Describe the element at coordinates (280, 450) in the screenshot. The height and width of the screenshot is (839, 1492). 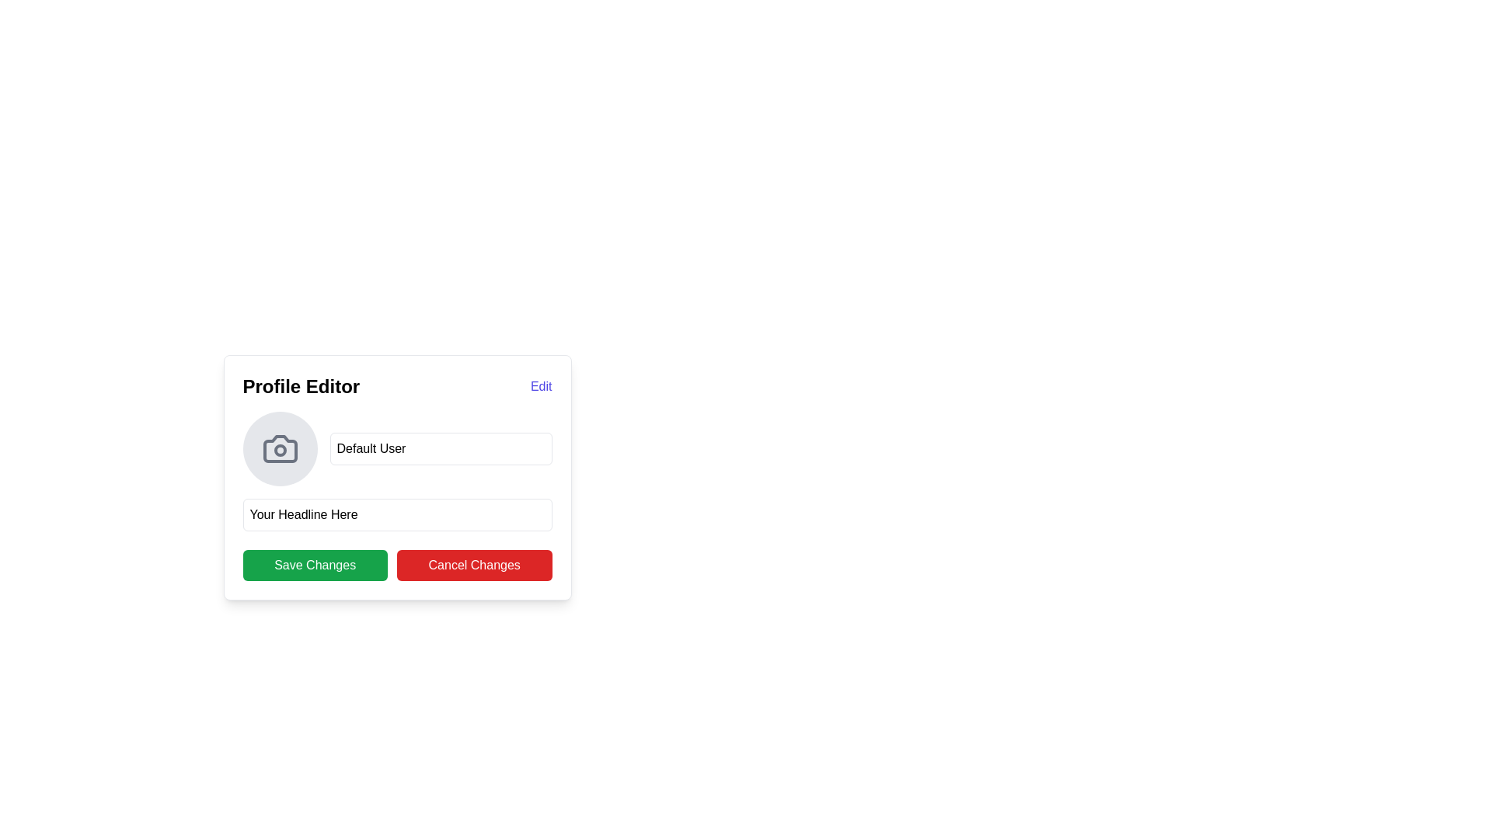
I see `the small circular Decorative SVG shape element that is located at the center of the camera icon in the Profile Editor UI section, which is to the left of the text 'Default User'` at that location.